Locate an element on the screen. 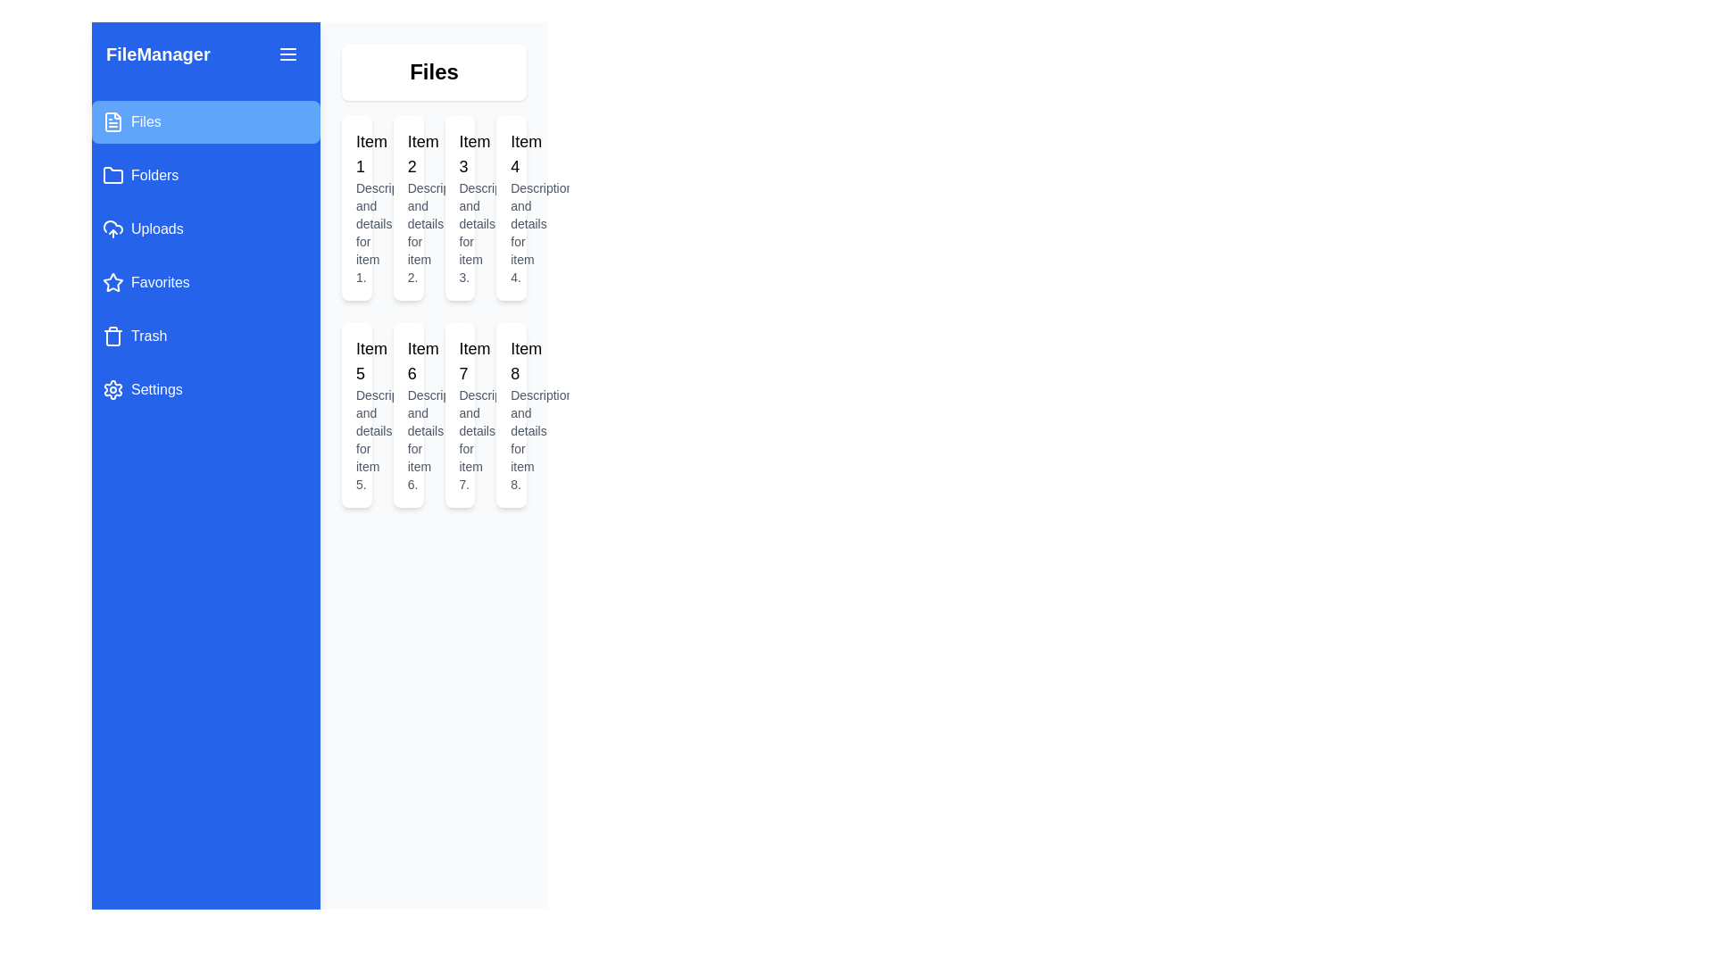 This screenshot has height=964, width=1714. the Text Label that serves as the heading for the item within the card labeled 'Item 6', which is positioned in the second row and second column of the grid layout beneath the title 'Files' is located at coordinates (407, 361).